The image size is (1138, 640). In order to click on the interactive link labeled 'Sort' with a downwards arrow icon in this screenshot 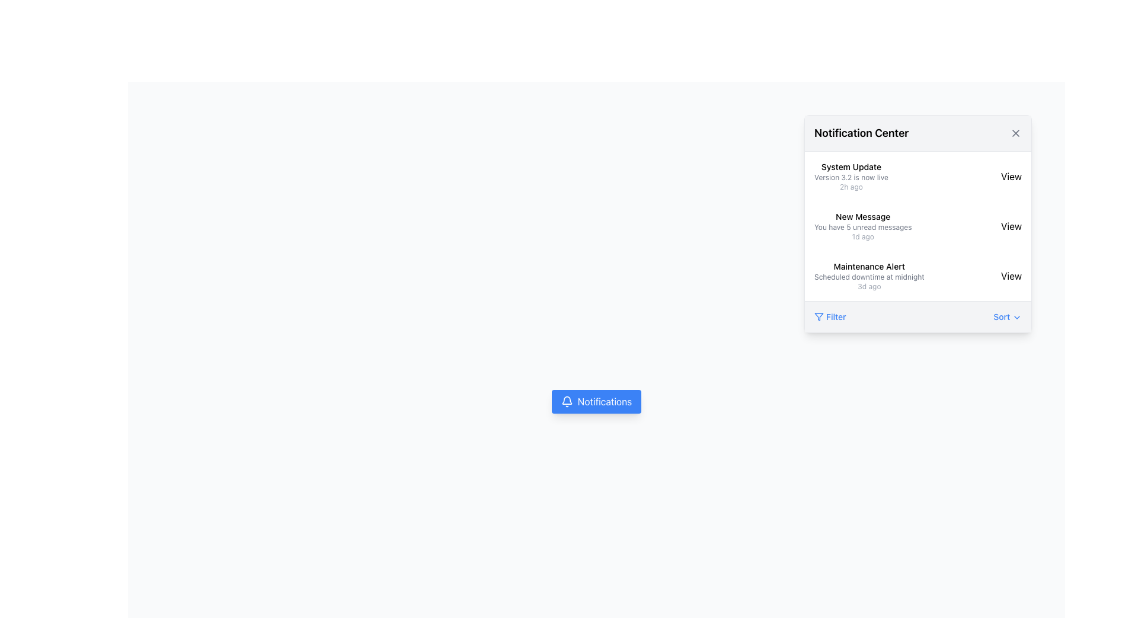, I will do `click(1007, 316)`.